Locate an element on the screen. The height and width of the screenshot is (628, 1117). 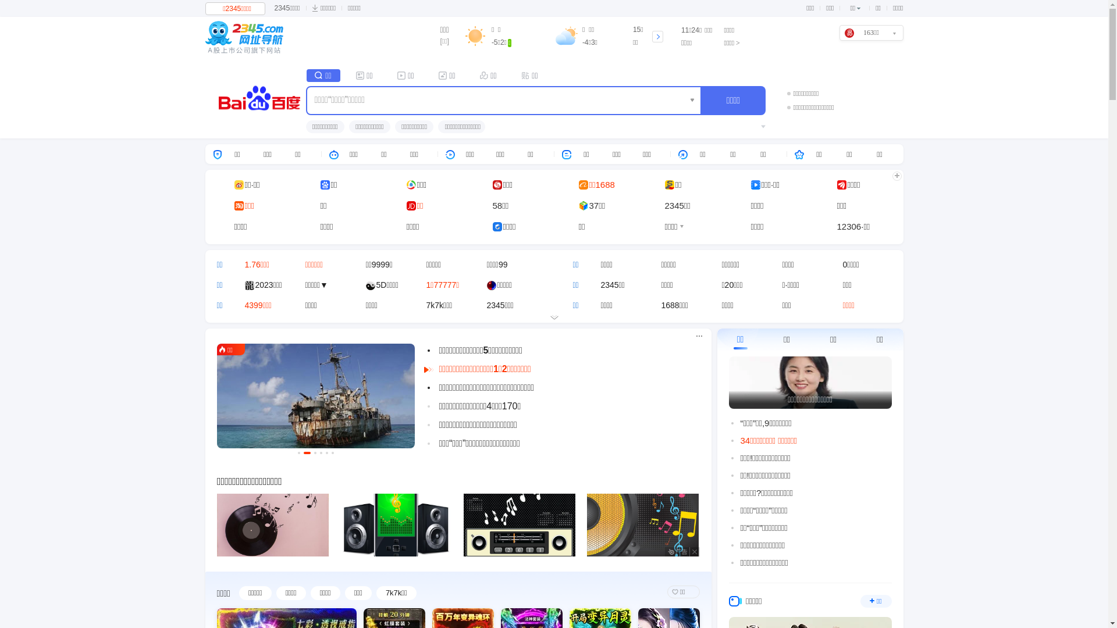
'12306' is located at coordinates (849, 226).